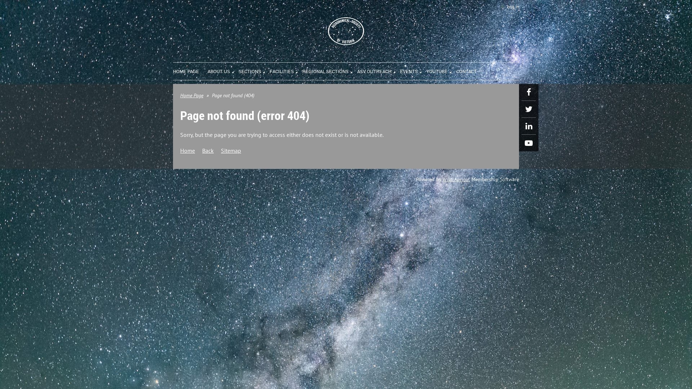  I want to click on 'Home Page', so click(192, 95).